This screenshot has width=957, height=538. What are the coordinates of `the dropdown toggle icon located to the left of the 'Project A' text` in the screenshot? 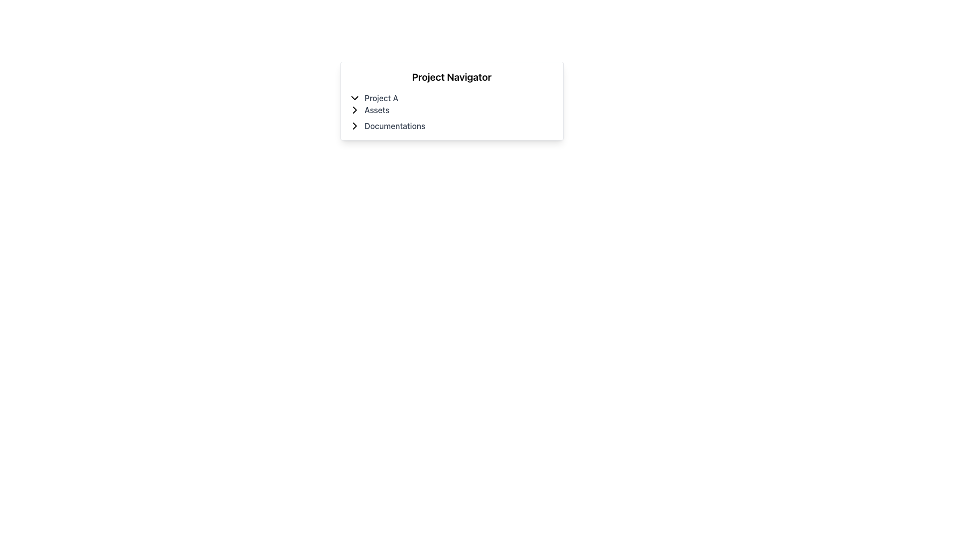 It's located at (354, 98).